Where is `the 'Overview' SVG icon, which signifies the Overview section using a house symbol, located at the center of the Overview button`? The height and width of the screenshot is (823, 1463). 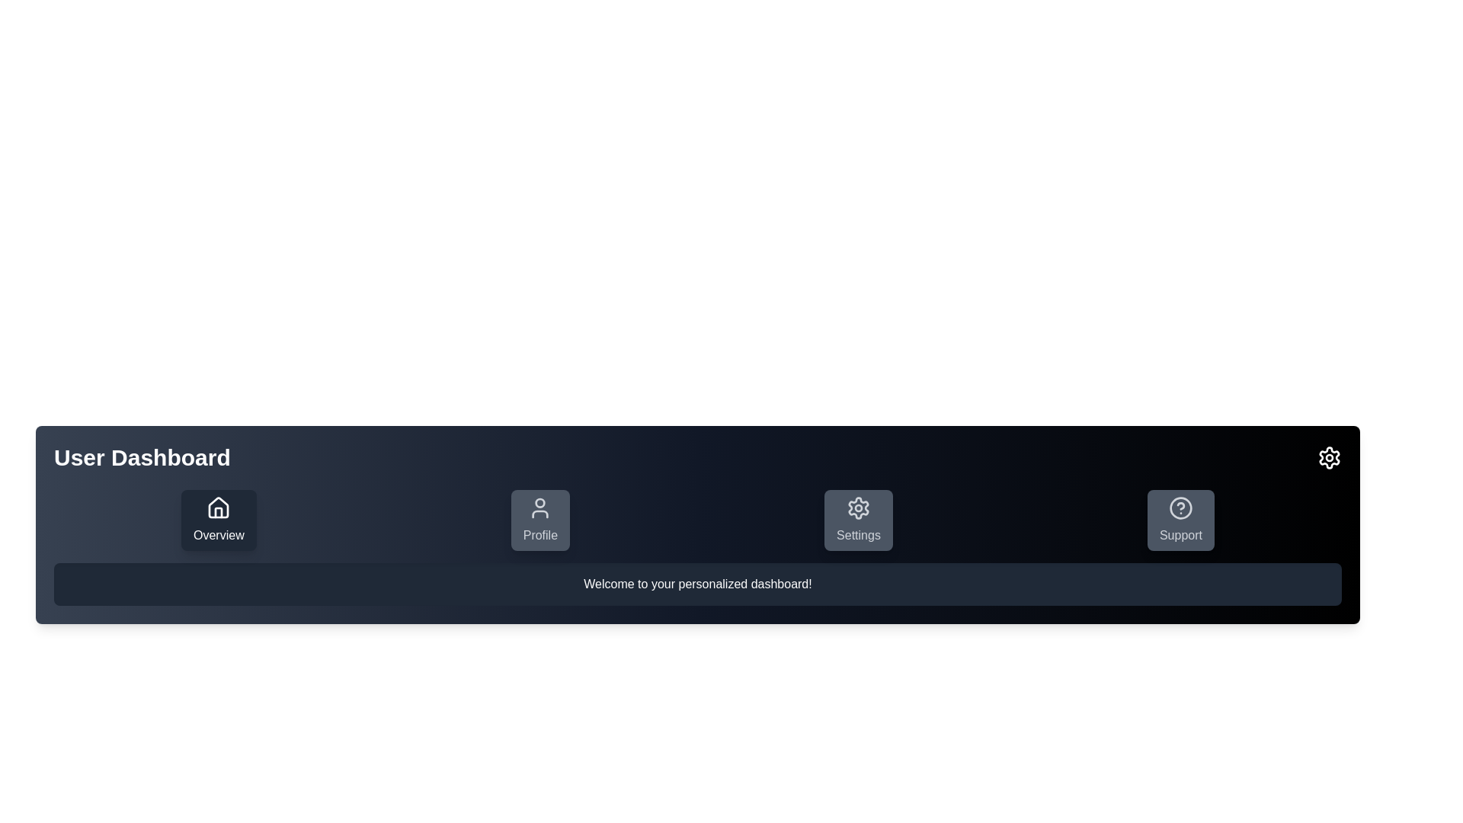
the 'Overview' SVG icon, which signifies the Overview section using a house symbol, located at the center of the Overview button is located at coordinates (218, 508).